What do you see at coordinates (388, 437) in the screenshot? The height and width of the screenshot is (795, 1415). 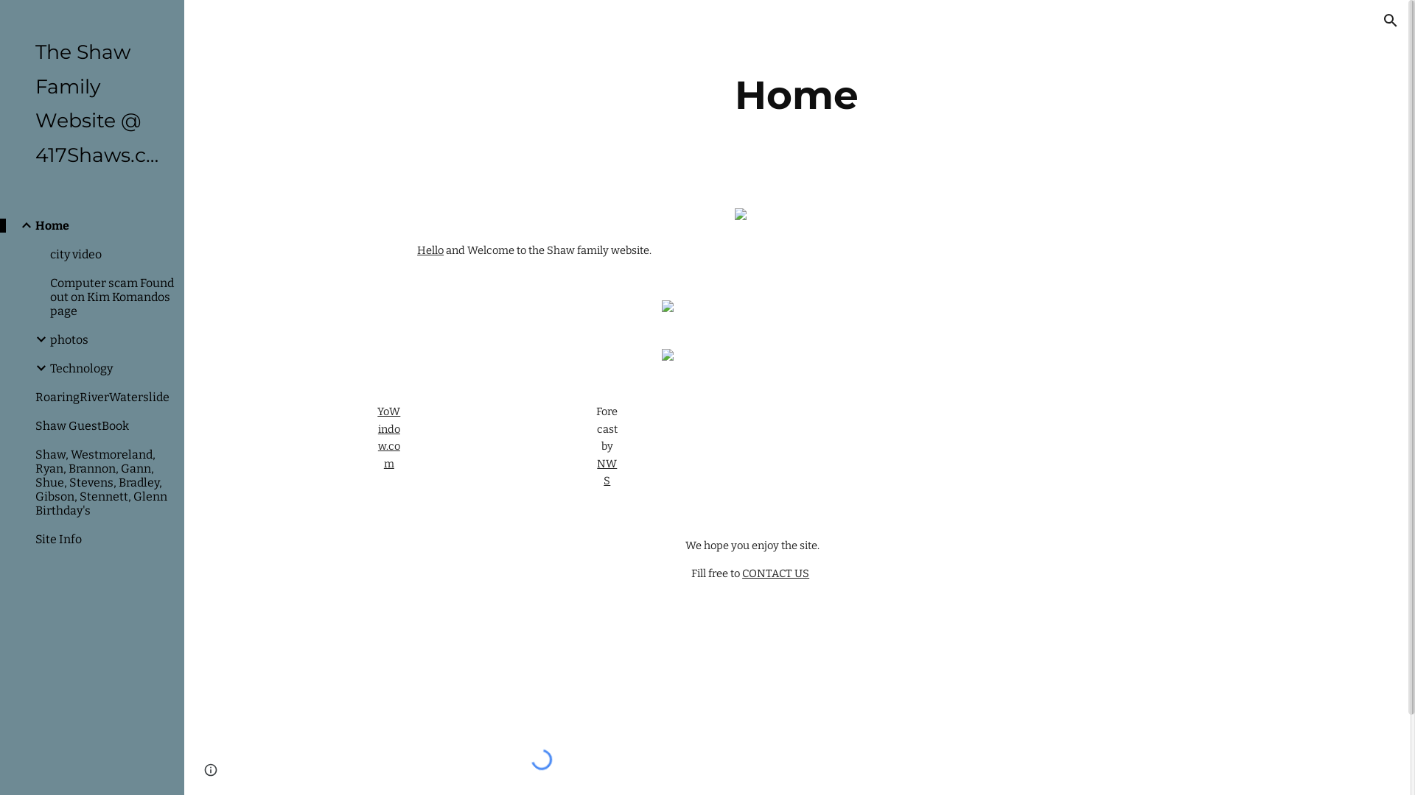 I see `'YoWindow.com'` at bounding box center [388, 437].